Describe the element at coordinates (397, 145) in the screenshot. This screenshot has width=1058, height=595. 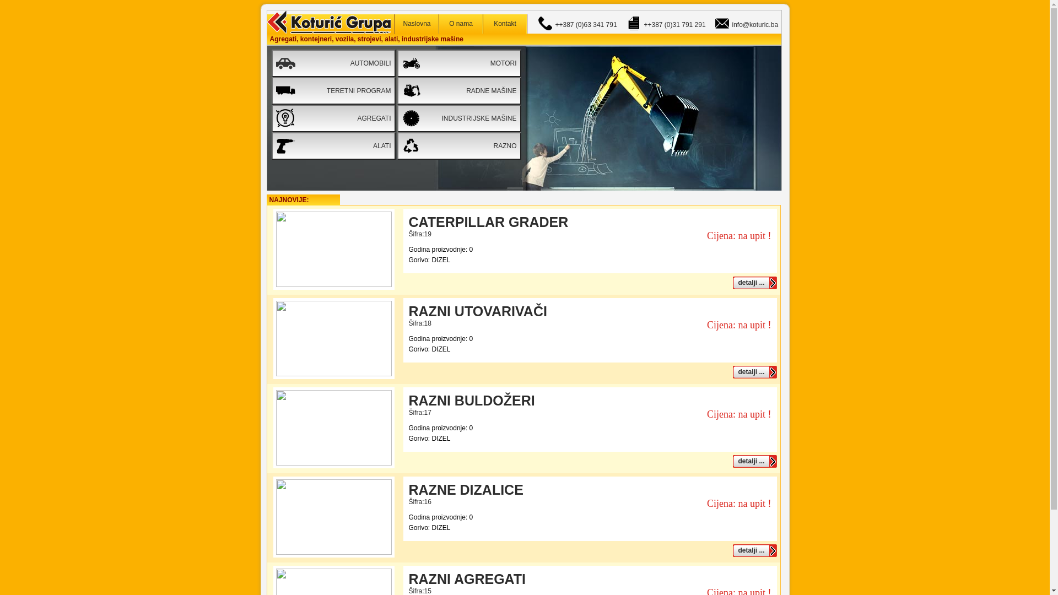
I see `'RAZNO'` at that location.